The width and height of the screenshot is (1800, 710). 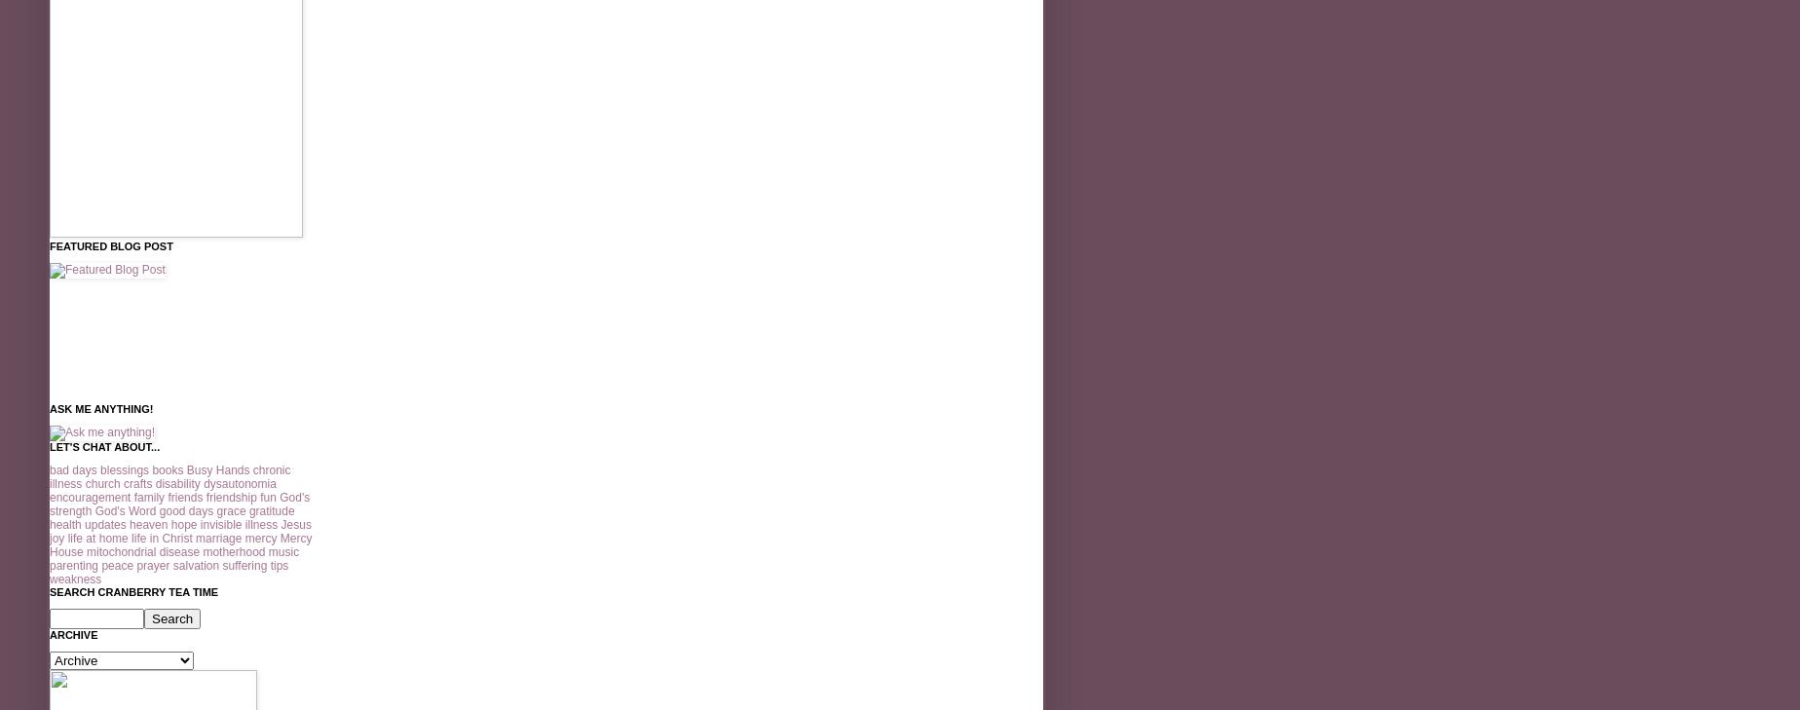 I want to click on 'health updates', so click(x=87, y=525).